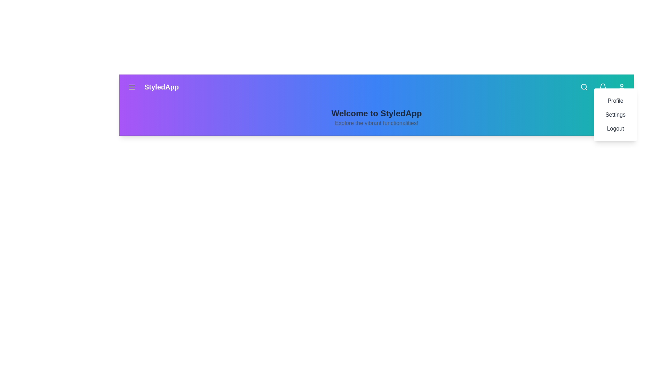 The width and height of the screenshot is (668, 376). What do you see at coordinates (615, 129) in the screenshot?
I see `the option Logout from the dropdown menu` at bounding box center [615, 129].